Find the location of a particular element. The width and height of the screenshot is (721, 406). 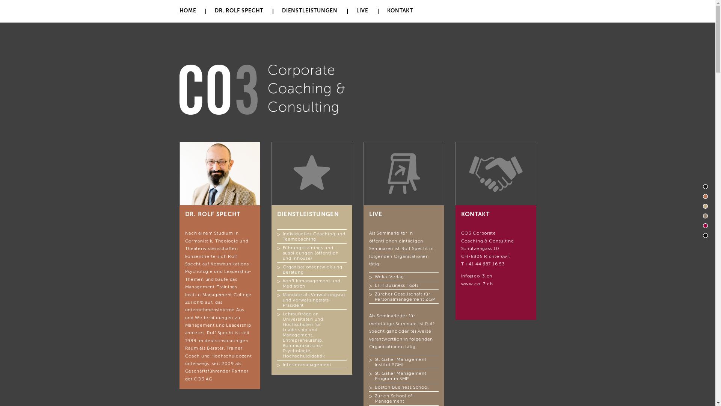

'info@co-3.ch' is located at coordinates (477, 276).